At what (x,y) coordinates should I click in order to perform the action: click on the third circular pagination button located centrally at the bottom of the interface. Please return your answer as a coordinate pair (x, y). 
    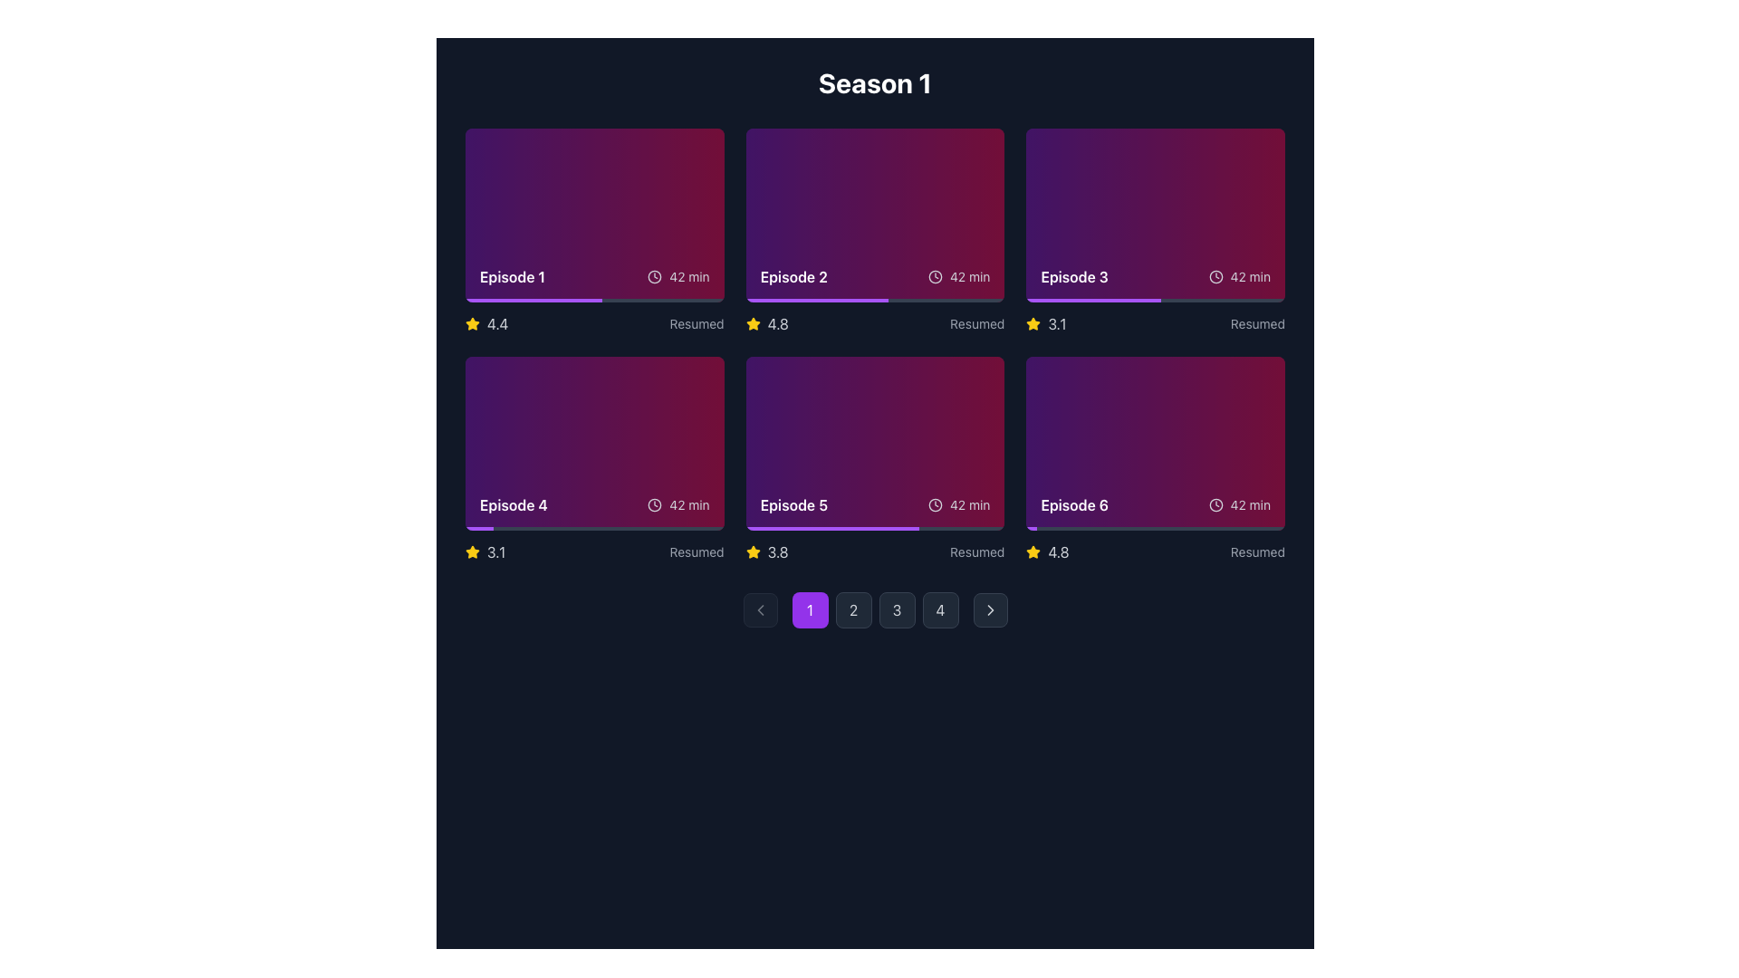
    Looking at the image, I should click on (897, 610).